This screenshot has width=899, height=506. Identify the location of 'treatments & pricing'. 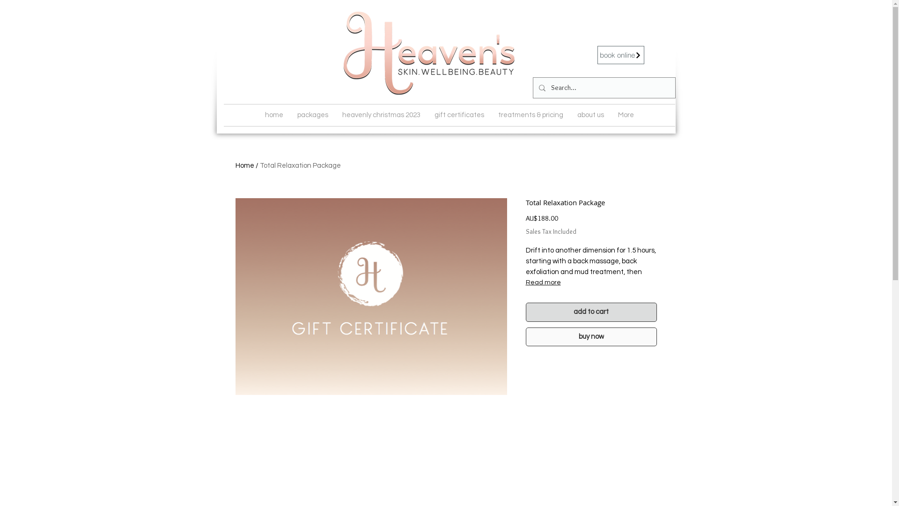
(530, 115).